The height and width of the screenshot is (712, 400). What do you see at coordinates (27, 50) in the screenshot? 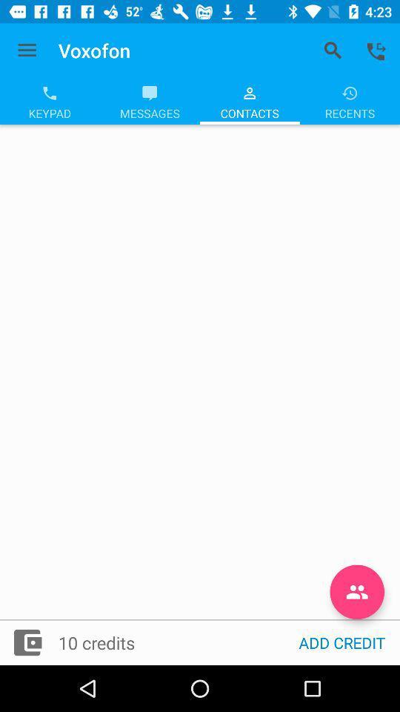
I see `item to the left of voxofon icon` at bounding box center [27, 50].